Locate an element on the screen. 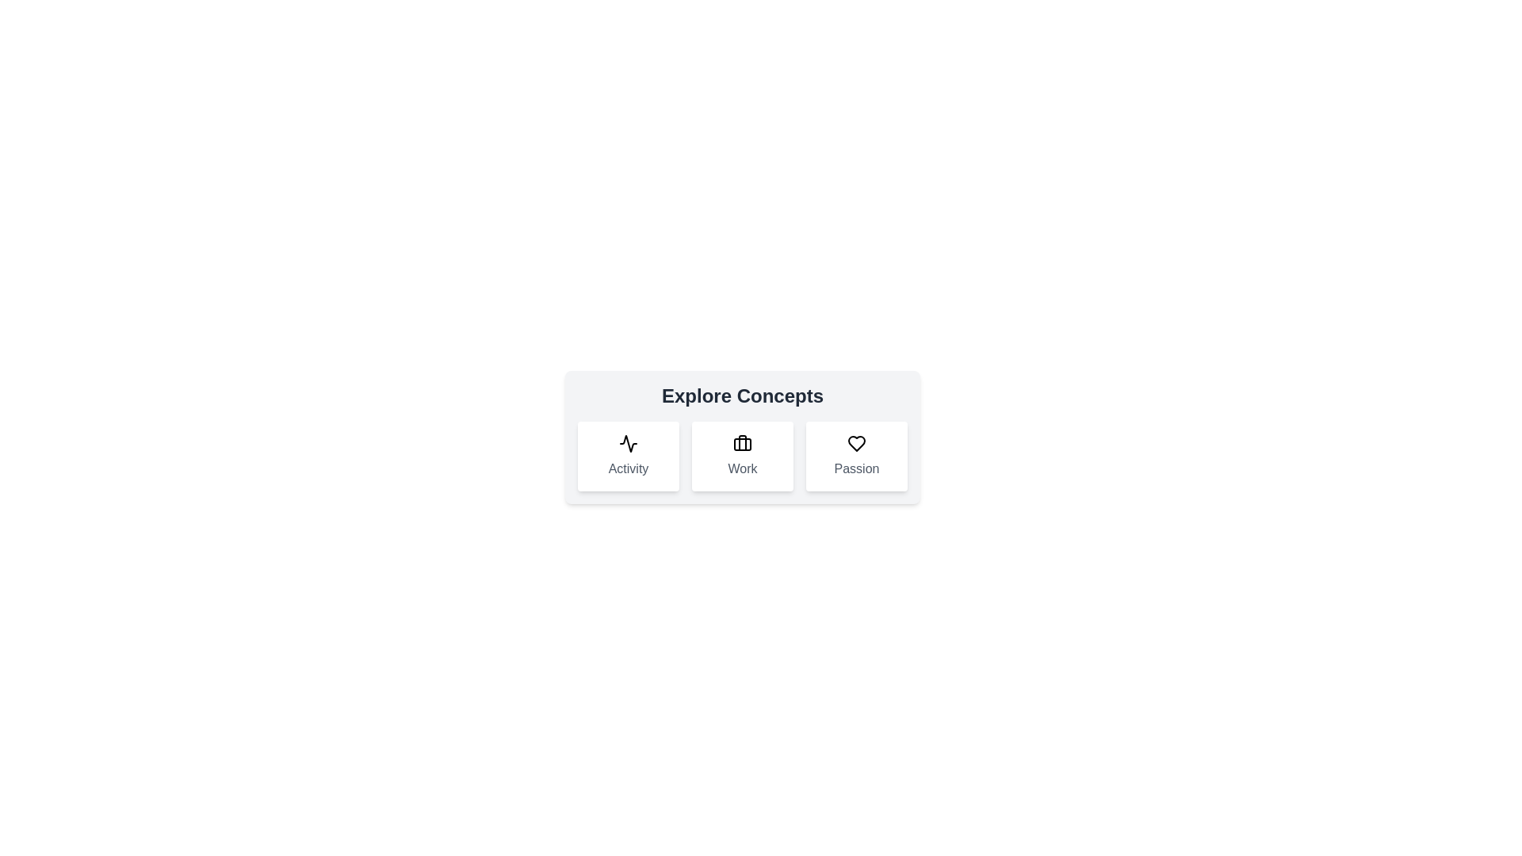  the lower rectangular section of the red briefcase icon, which is the middle icon under the title 'Explore Concepts' is located at coordinates (741, 444).